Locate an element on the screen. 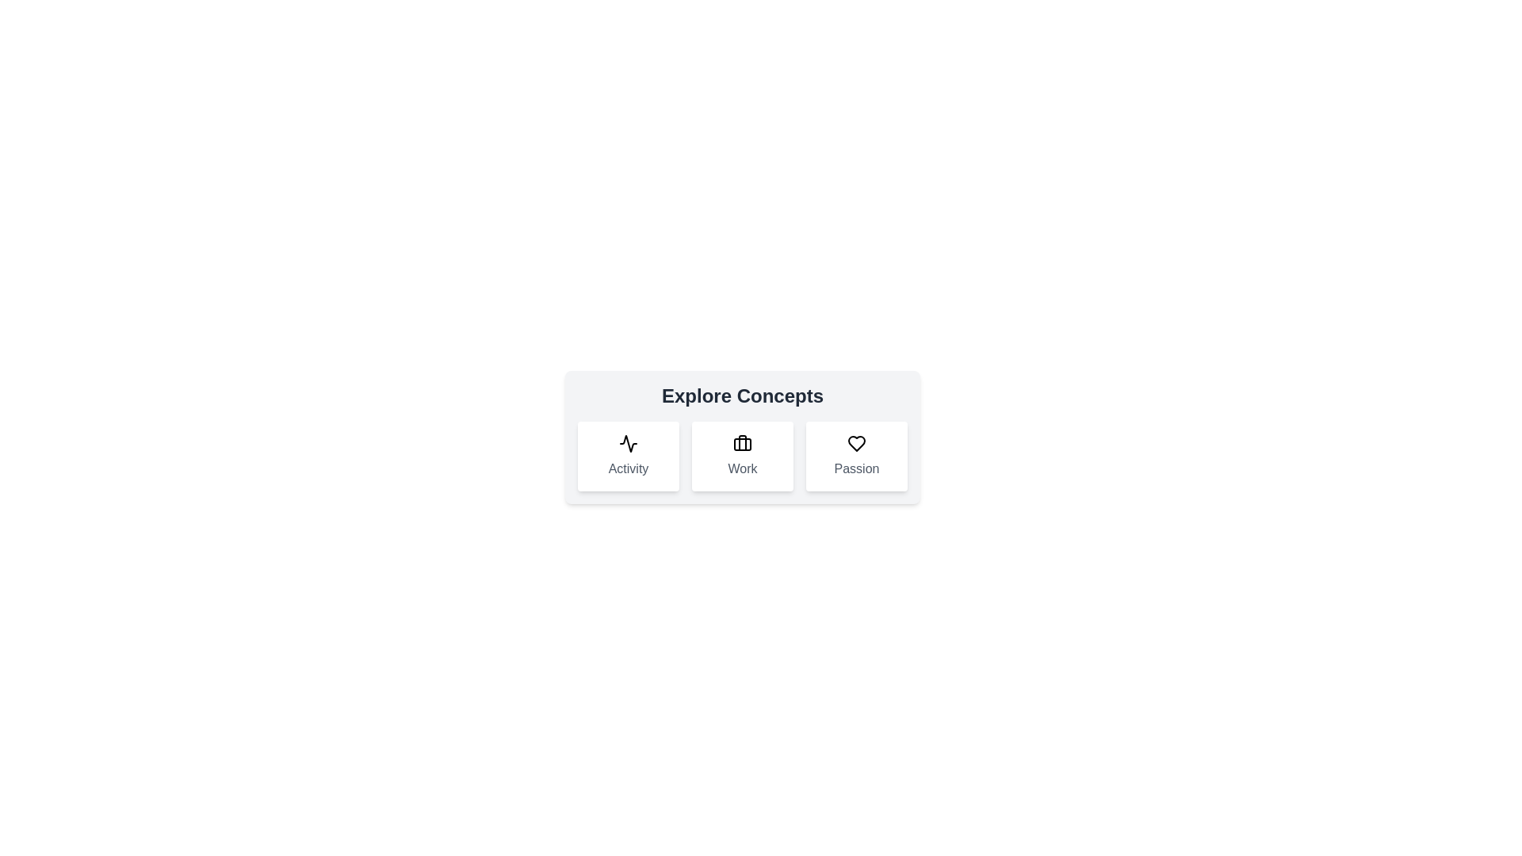  the lower rectangular section of the red briefcase icon, which is the middle icon under the title 'Explore Concepts' is located at coordinates (741, 444).